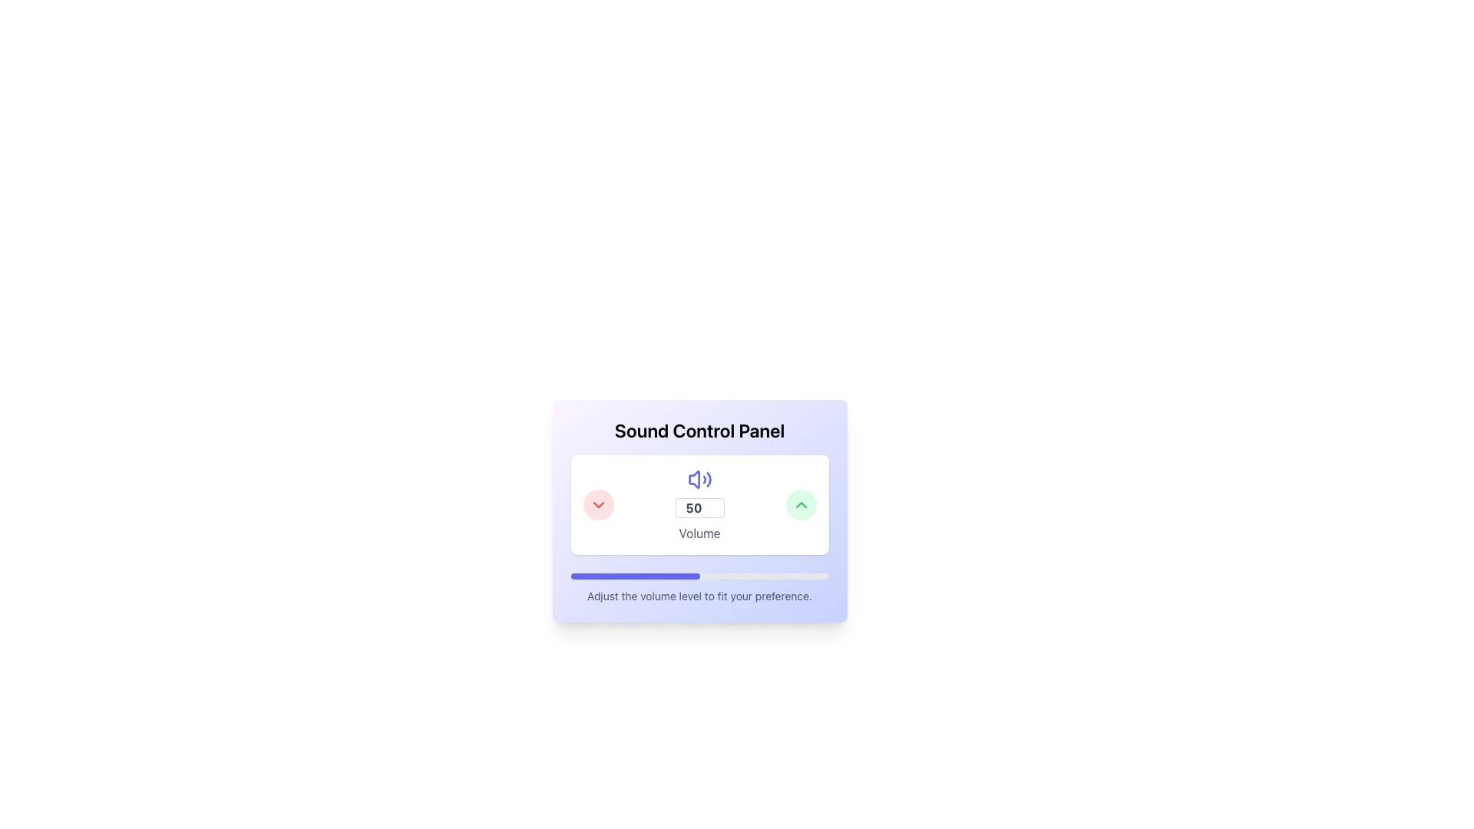  Describe the element at coordinates (699, 478) in the screenshot. I see `the sound or volume control icon located at the top center of the control panel above the numeric input box labeled 'Volume.'` at that location.